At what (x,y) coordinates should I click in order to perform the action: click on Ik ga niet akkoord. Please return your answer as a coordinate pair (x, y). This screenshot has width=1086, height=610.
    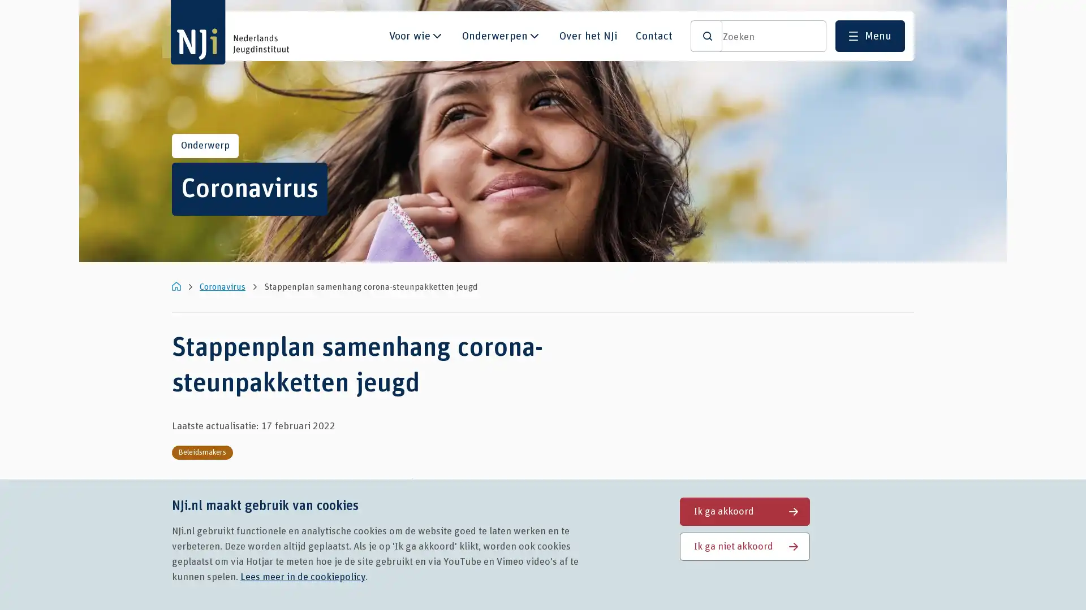
    Looking at the image, I should click on (744, 546).